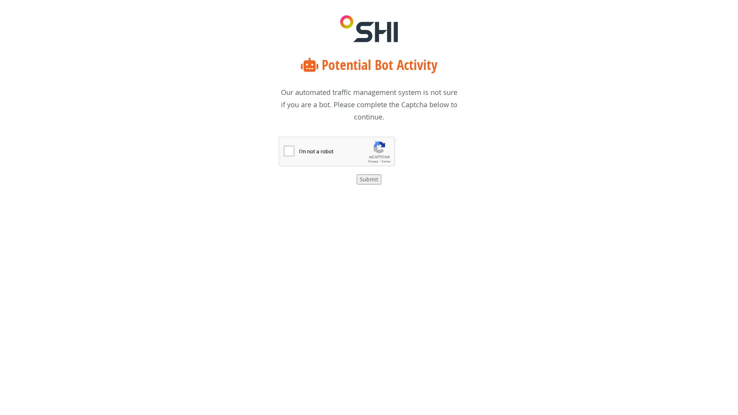 The height and width of the screenshot is (415, 738). What do you see at coordinates (369, 179) in the screenshot?
I see `Submit` at bounding box center [369, 179].